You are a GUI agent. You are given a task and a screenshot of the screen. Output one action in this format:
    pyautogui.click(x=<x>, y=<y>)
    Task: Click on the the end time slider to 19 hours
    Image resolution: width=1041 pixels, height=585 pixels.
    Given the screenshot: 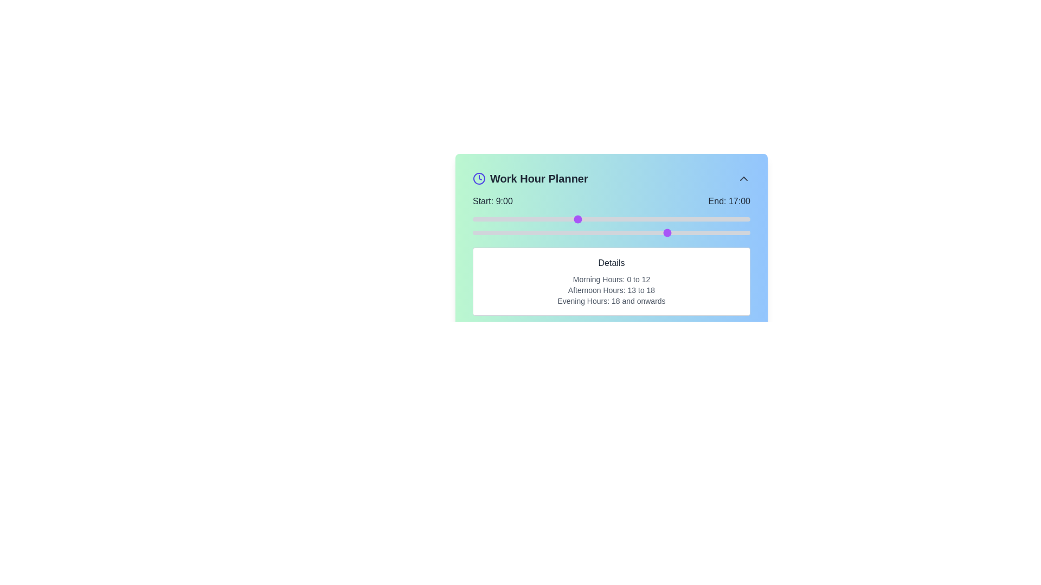 What is the action you would take?
    pyautogui.click(x=692, y=232)
    